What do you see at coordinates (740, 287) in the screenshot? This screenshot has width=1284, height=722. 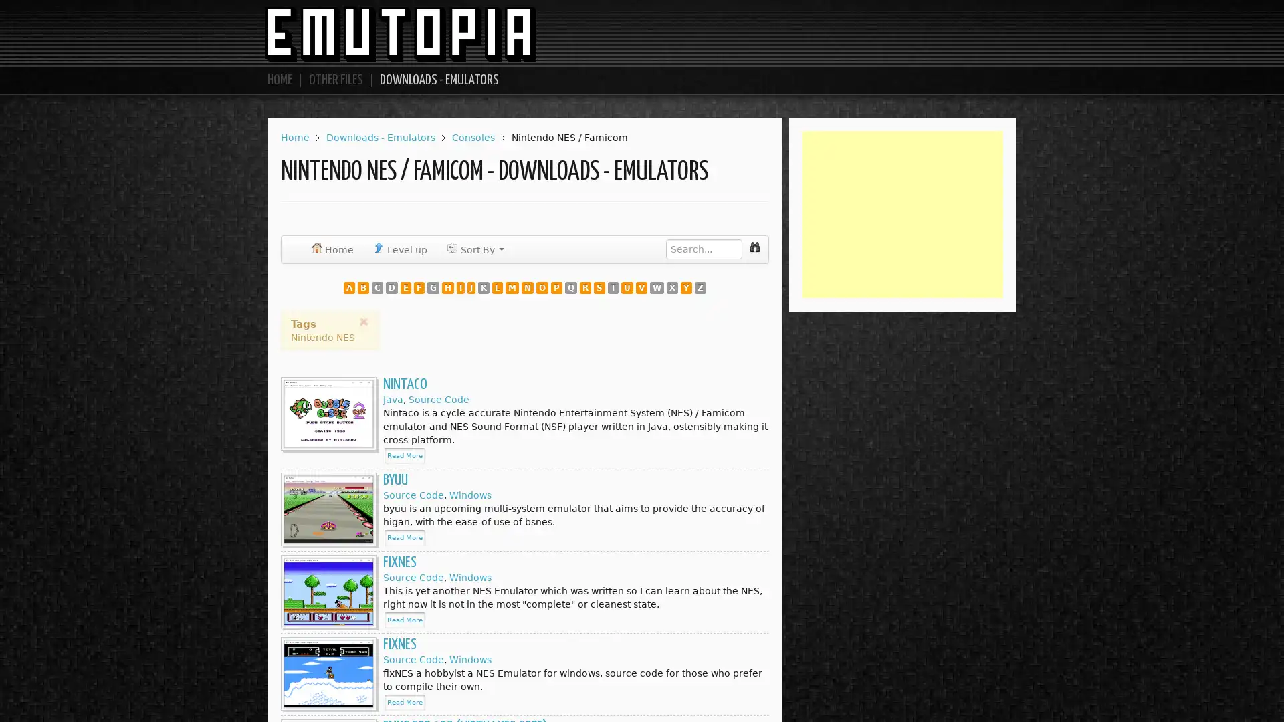 I see `Close Close` at bounding box center [740, 287].